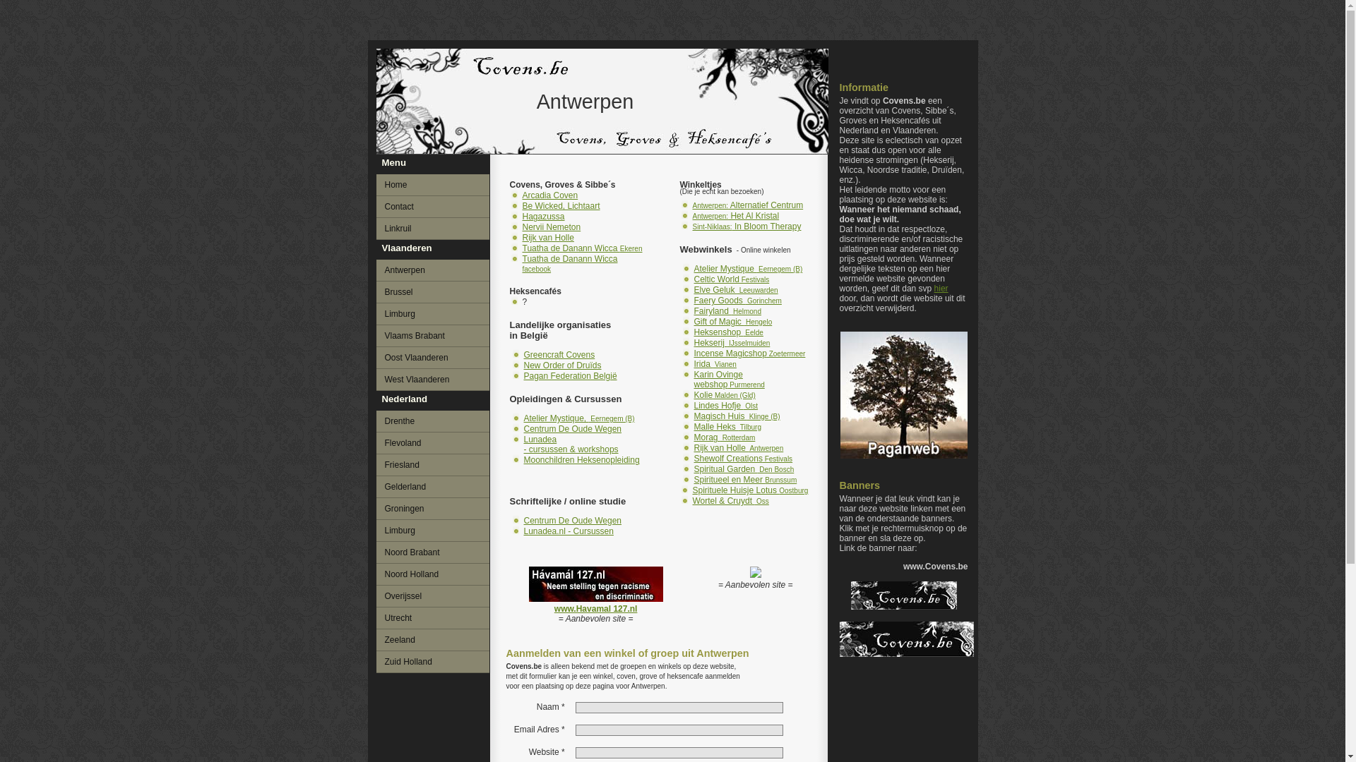 This screenshot has height=762, width=1356. What do you see at coordinates (748, 353) in the screenshot?
I see `'Incense Magicshop Zoetermeer'` at bounding box center [748, 353].